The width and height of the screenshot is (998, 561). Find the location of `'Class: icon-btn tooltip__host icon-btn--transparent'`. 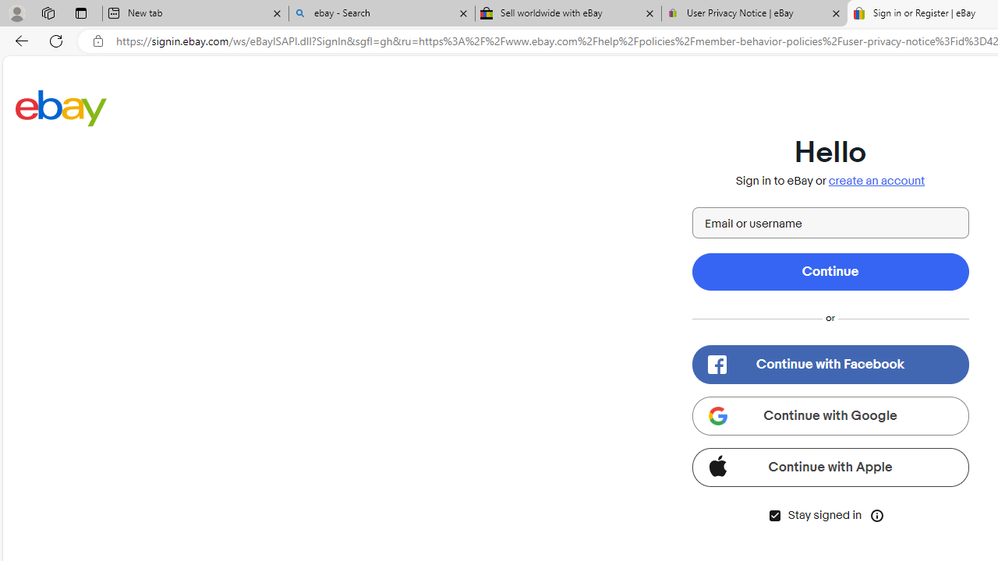

'Class: icon-btn tooltip__host icon-btn--transparent' is located at coordinates (877, 514).